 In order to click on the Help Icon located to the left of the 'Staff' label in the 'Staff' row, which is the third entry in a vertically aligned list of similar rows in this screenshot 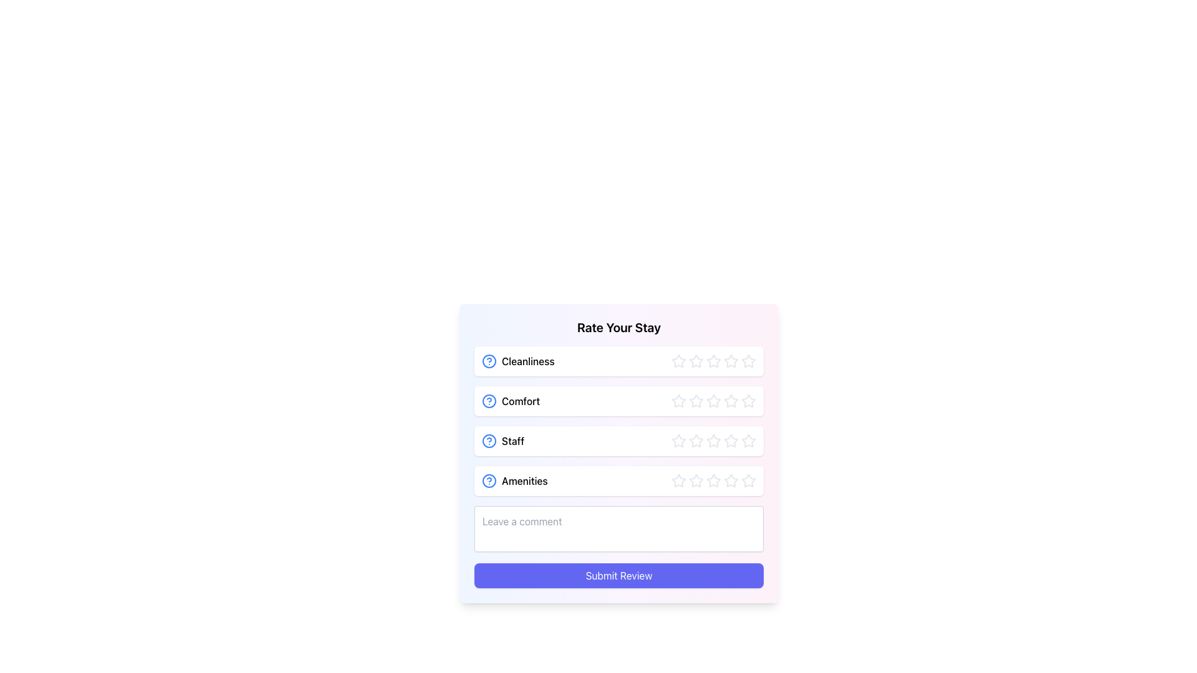, I will do `click(489, 441)`.